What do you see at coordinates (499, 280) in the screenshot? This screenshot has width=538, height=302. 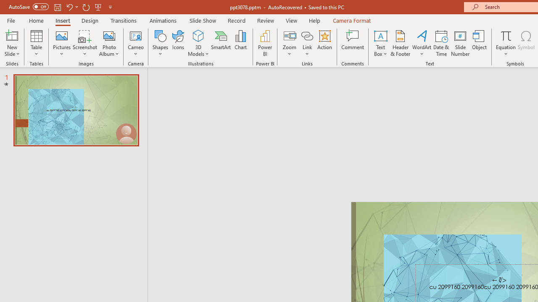 I see `'TextBox 7'` at bounding box center [499, 280].